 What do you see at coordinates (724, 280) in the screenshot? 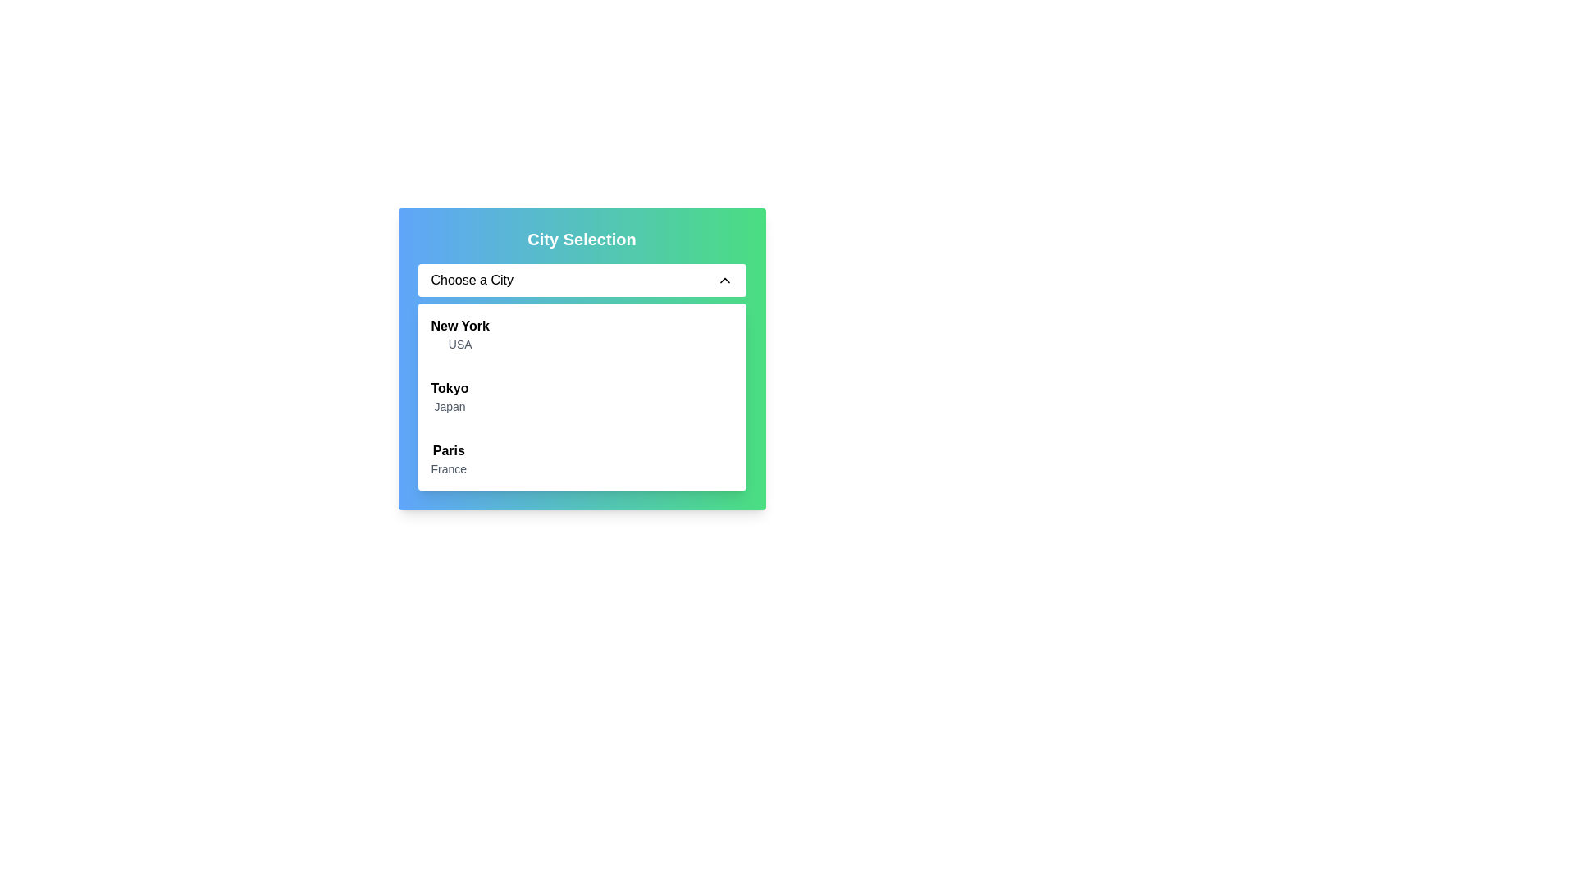
I see `the chevron icon located at the far-right side of the 'Choose a City' section` at bounding box center [724, 280].